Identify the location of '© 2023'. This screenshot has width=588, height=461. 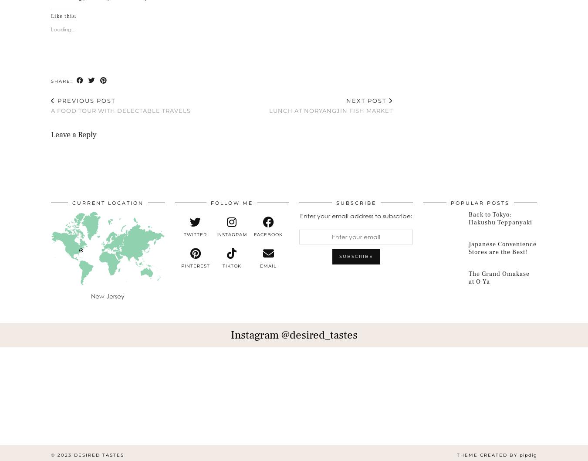
(62, 454).